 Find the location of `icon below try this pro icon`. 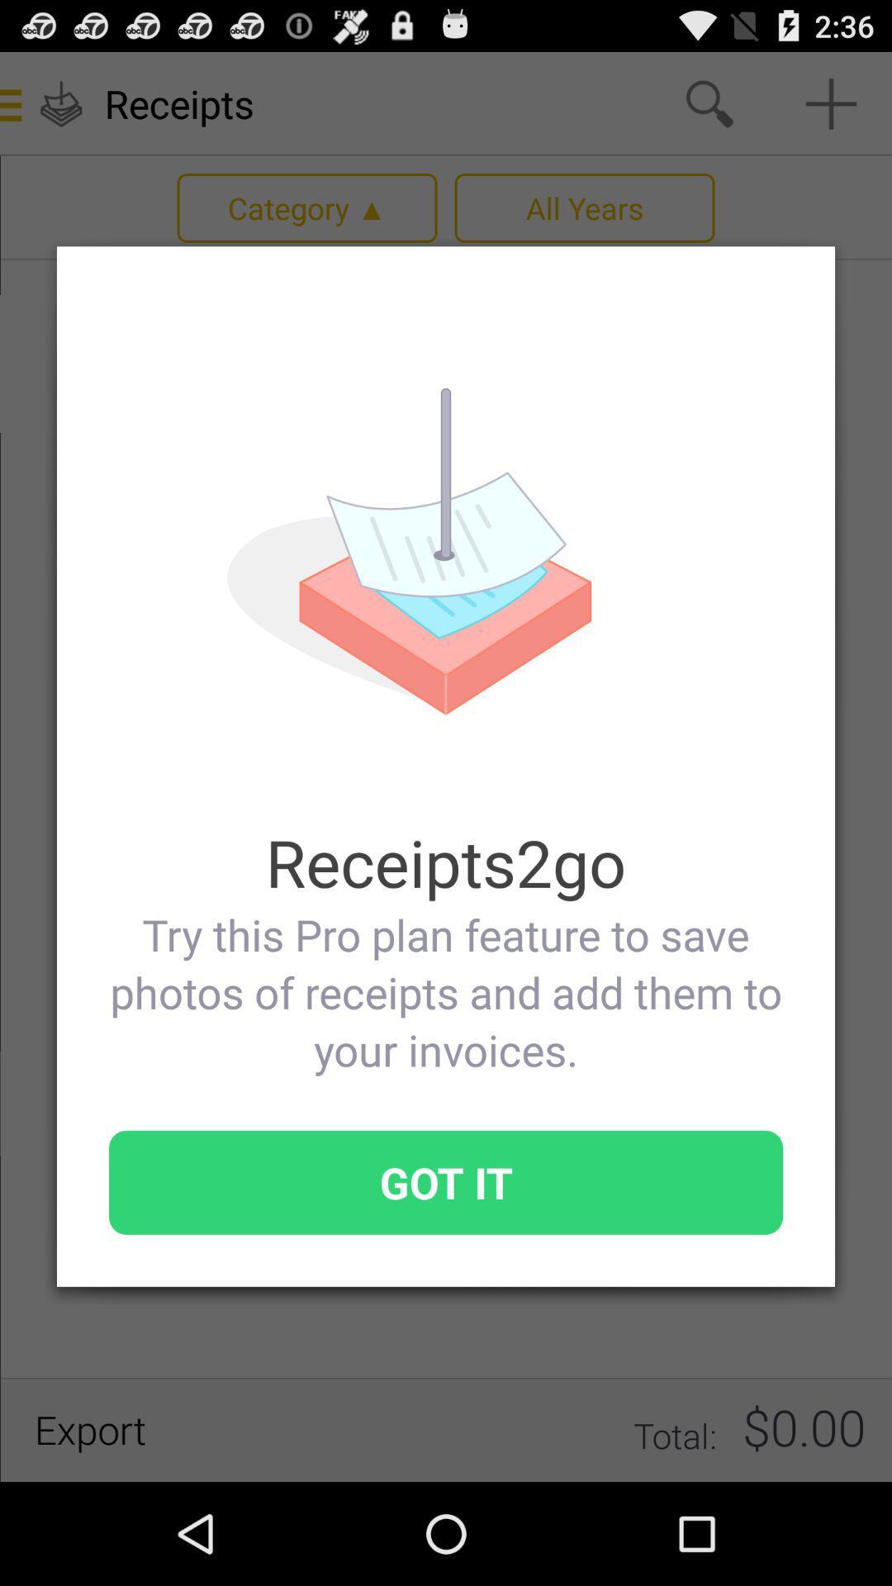

icon below try this pro icon is located at coordinates (446, 1181).